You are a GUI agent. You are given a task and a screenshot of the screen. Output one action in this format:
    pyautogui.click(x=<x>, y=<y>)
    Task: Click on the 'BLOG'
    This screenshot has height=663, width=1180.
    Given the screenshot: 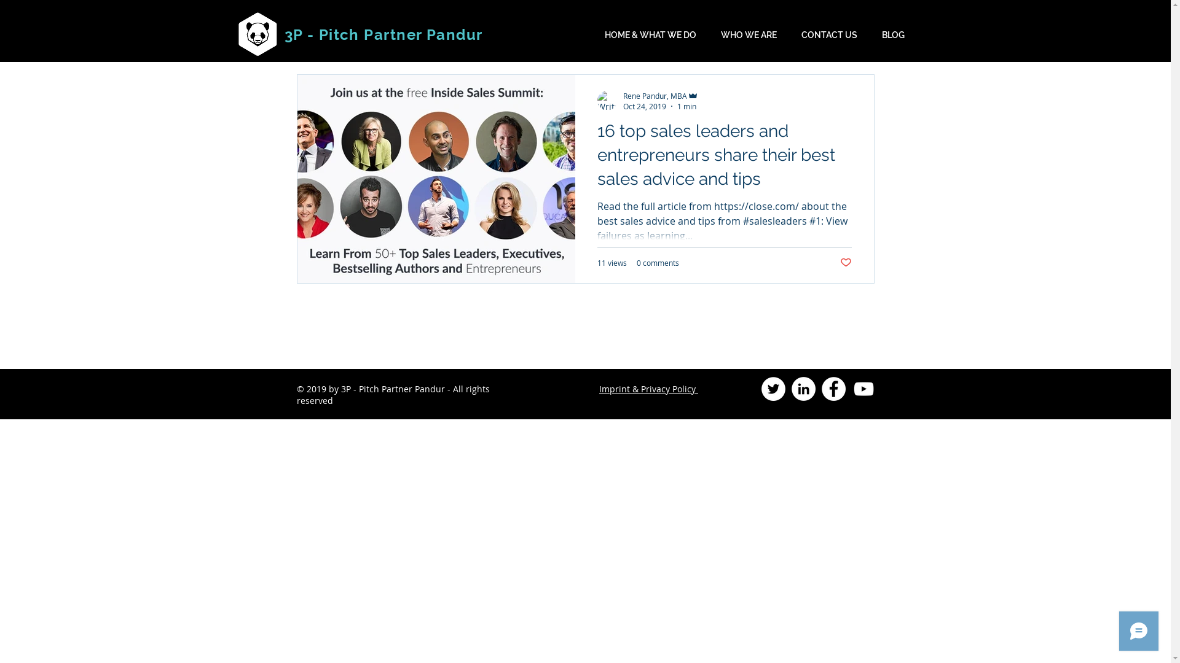 What is the action you would take?
    pyautogui.click(x=869, y=34)
    